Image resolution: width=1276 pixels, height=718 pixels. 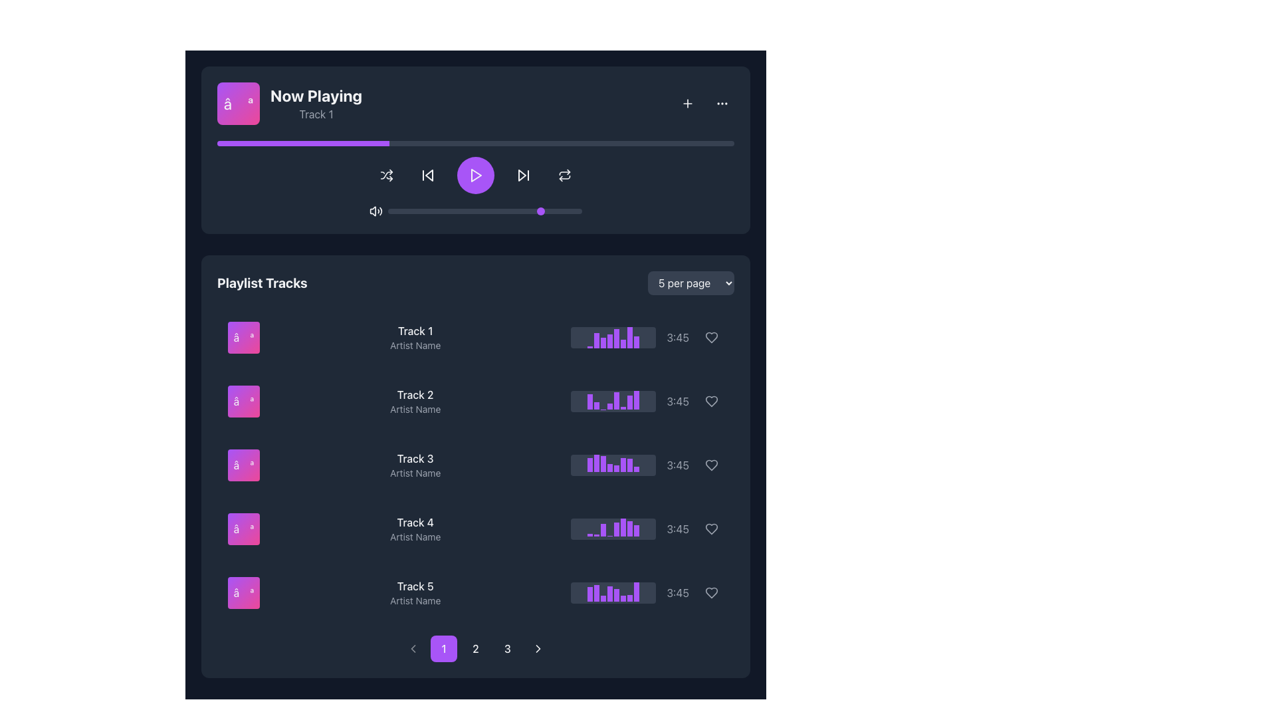 I want to click on the second bar from the left in the bar chart located on the right side of the Track 5 row in the playlist section, so click(x=596, y=592).